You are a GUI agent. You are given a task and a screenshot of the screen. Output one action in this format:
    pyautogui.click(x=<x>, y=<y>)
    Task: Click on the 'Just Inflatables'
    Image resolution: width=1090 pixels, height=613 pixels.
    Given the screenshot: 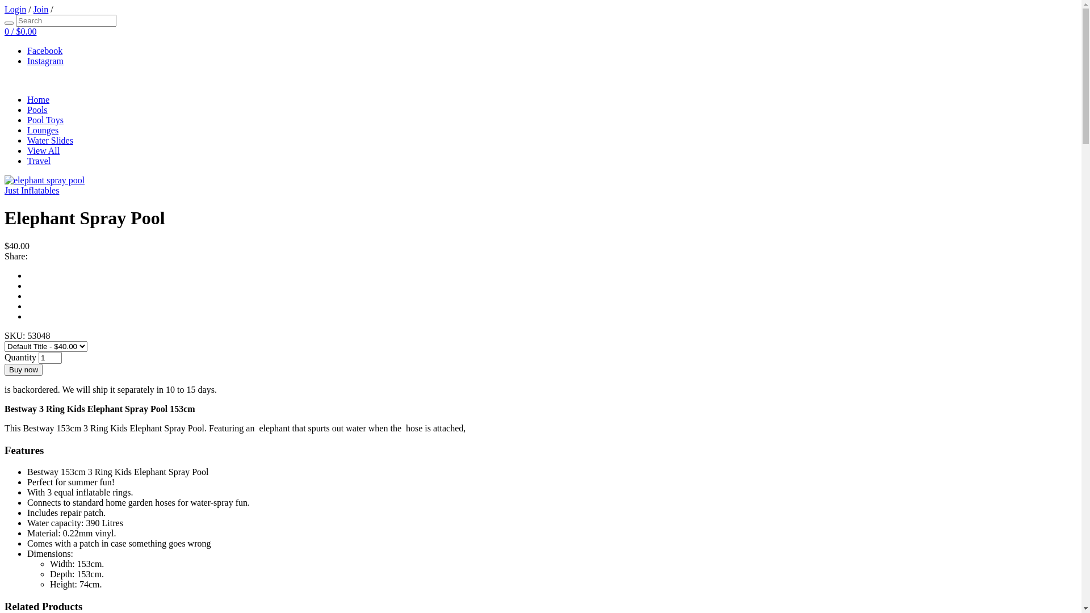 What is the action you would take?
    pyautogui.click(x=5, y=190)
    